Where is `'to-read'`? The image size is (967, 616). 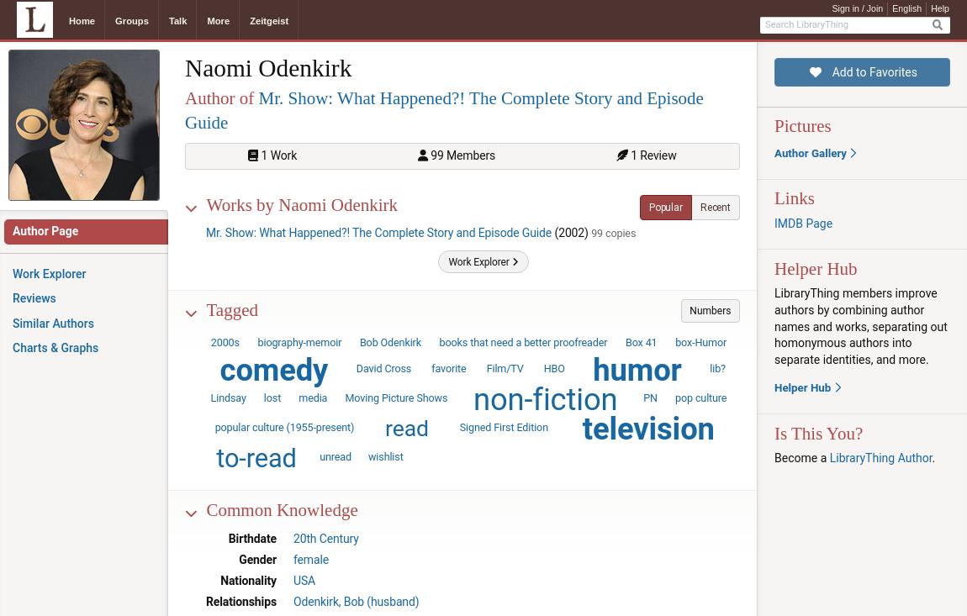 'to-read' is located at coordinates (256, 458).